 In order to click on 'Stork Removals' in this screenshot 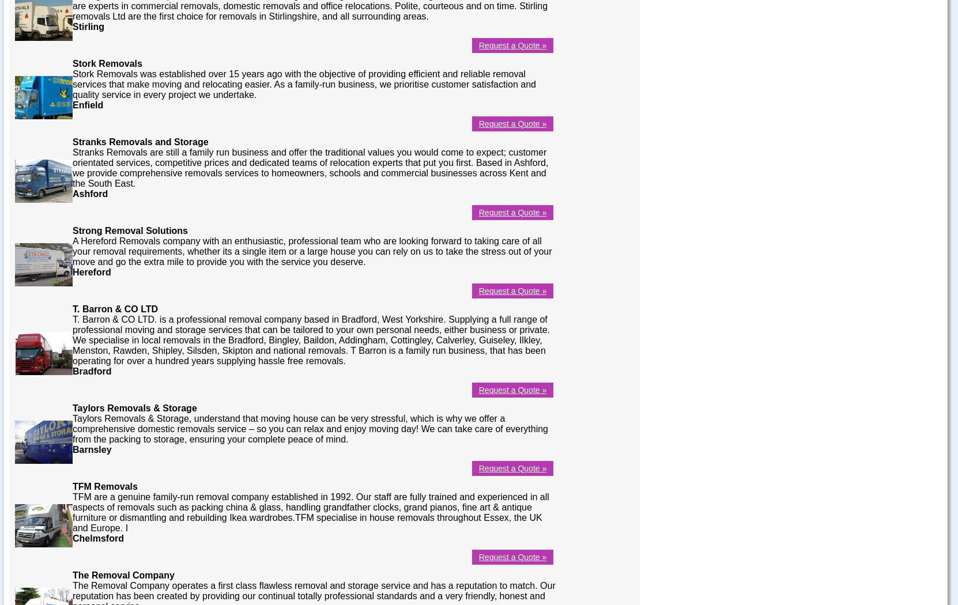, I will do `click(106, 63)`.